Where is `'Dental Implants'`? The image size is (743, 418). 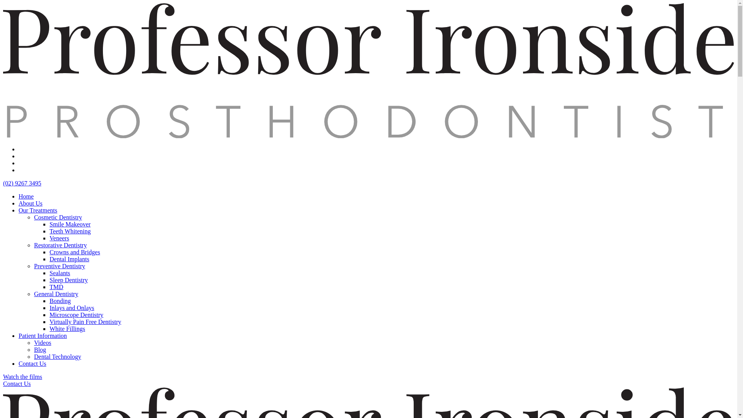
'Dental Implants' is located at coordinates (69, 259).